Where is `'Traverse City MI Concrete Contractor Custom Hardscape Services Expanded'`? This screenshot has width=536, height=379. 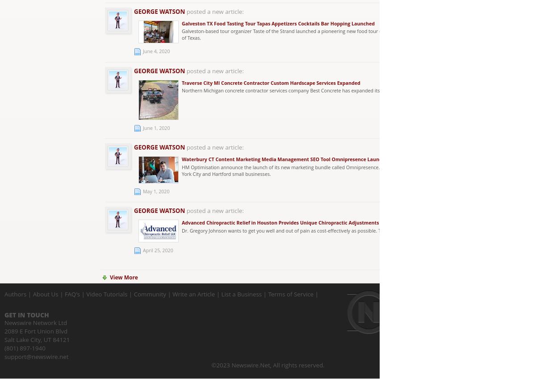
'Traverse City MI Concrete Contractor Custom Hardscape Services Expanded' is located at coordinates (271, 82).